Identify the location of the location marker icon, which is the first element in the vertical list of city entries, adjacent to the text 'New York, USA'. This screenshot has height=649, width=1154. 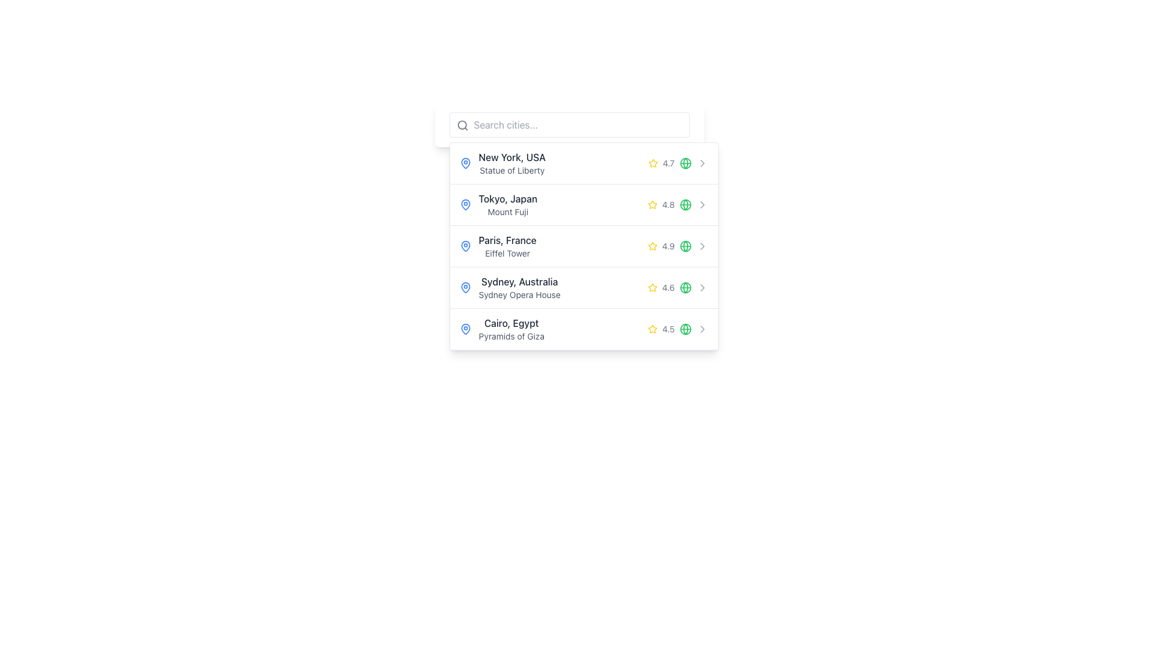
(465, 163).